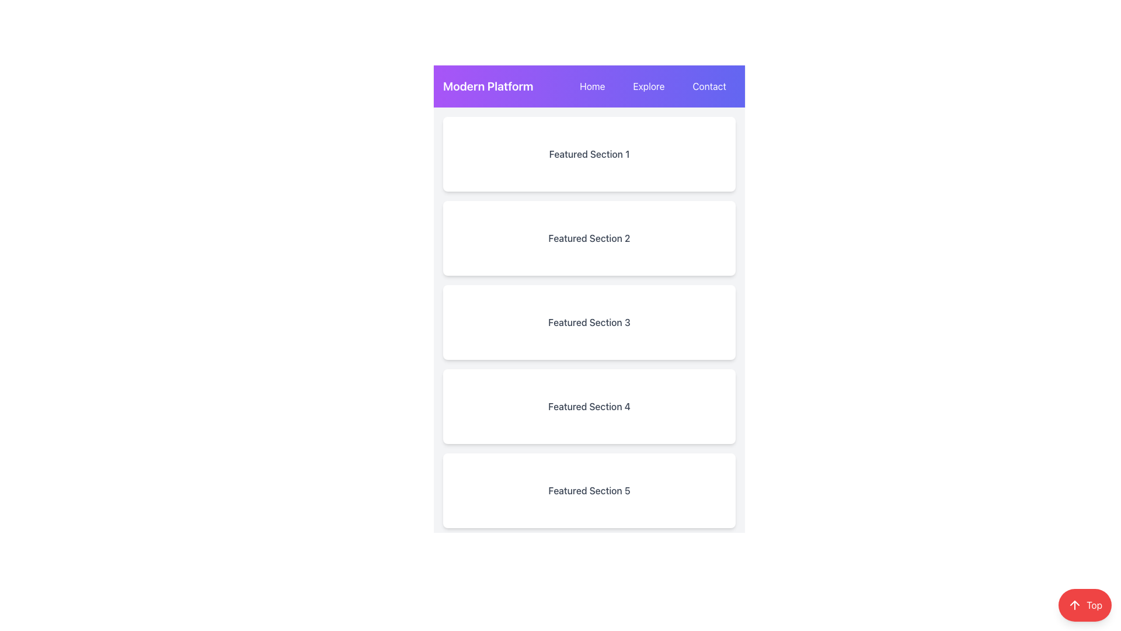  What do you see at coordinates (488, 85) in the screenshot?
I see `the title text in the upper left corner of the navigation bar, which serves as the header for the web application and is positioned to the left of the 'Home', 'Explore', and 'Contact' links` at bounding box center [488, 85].